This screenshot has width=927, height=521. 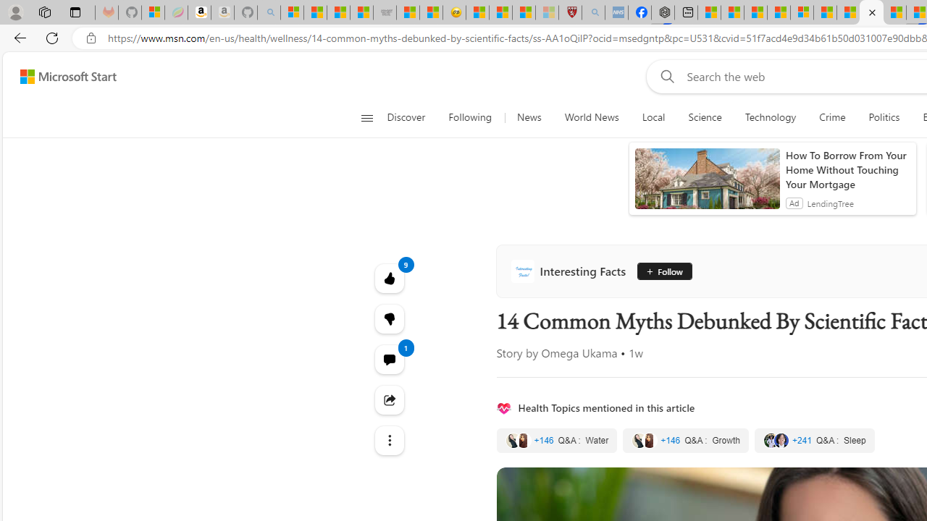 I want to click on 'Skip to footer', so click(x=59, y=76).